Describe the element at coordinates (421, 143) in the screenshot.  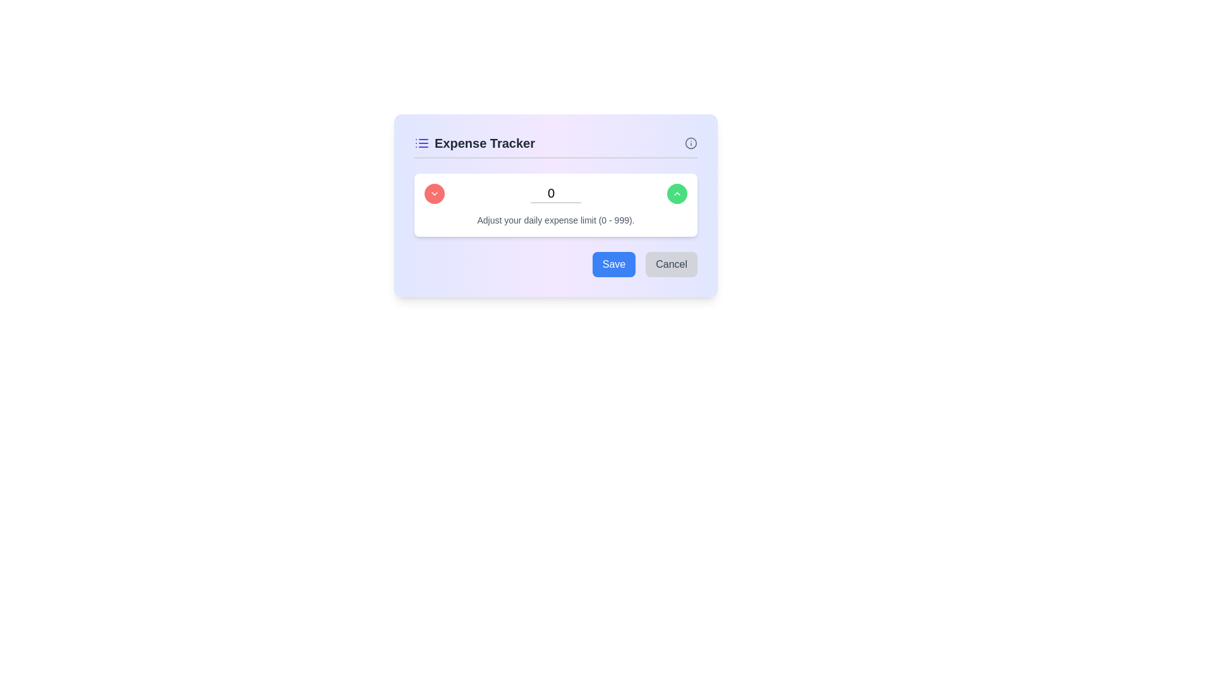
I see `the icon representing the list functionality for the 'Expense Tracker' title, located at the top-left area of the panel, adjacent to the bold text` at that location.